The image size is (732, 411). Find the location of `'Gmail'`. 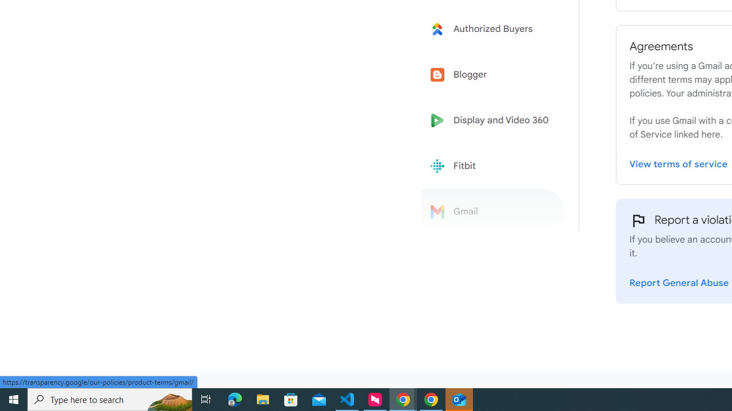

'Gmail' is located at coordinates (493, 212).